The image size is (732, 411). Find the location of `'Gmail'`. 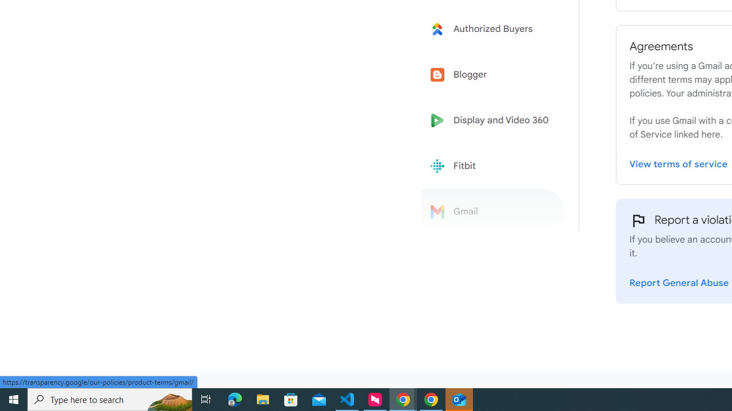

'Gmail' is located at coordinates (493, 212).